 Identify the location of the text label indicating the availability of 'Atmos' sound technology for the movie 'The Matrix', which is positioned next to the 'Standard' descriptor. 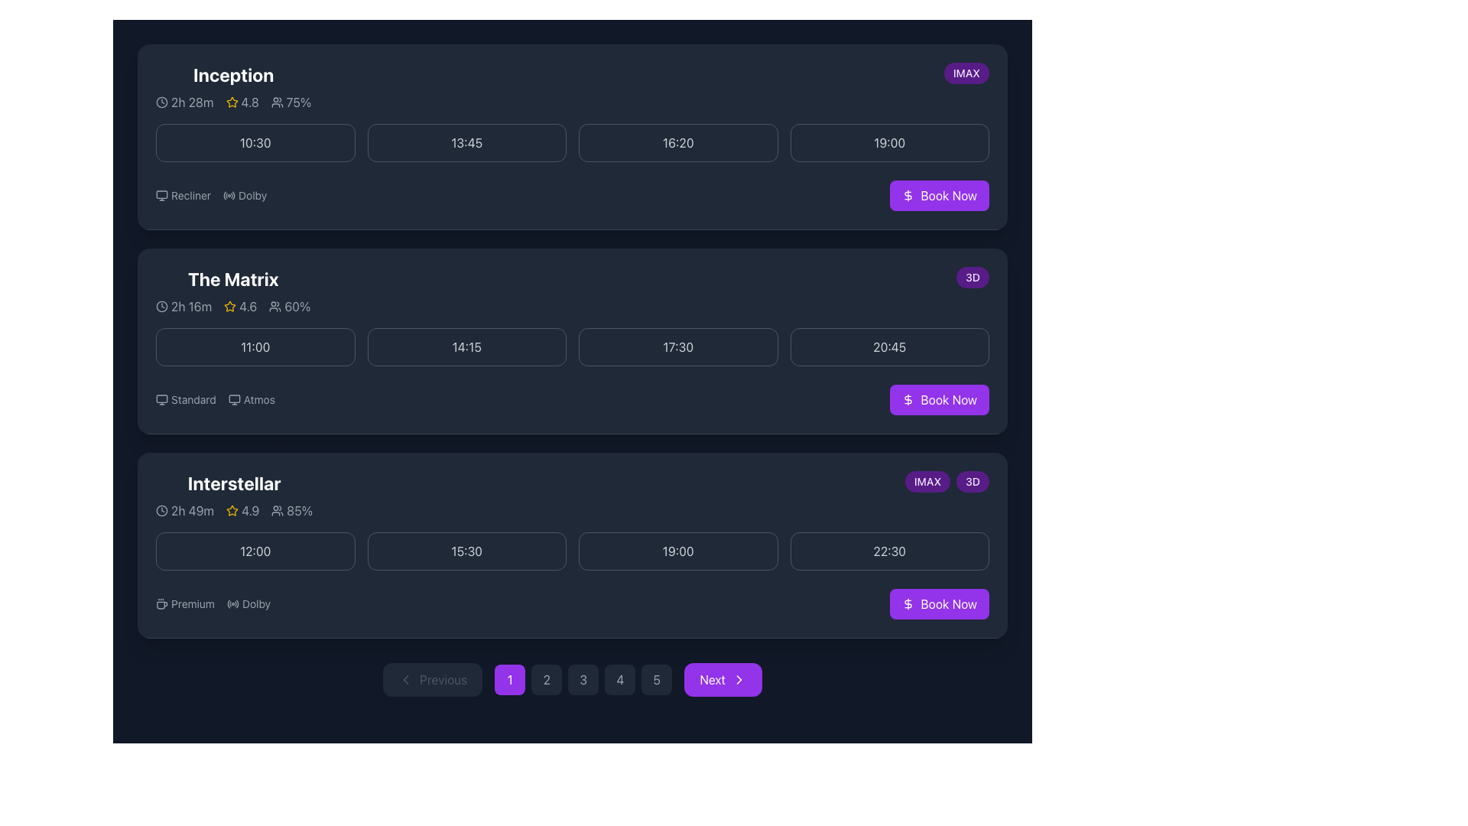
(252, 399).